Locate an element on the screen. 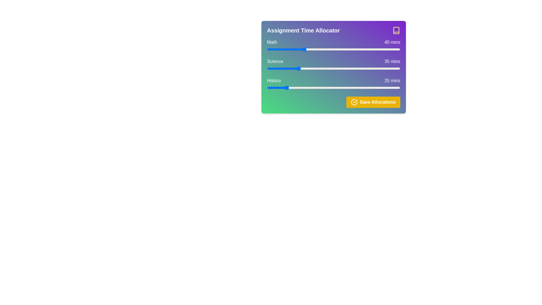 The width and height of the screenshot is (542, 305). allocation time is located at coordinates (359, 68).